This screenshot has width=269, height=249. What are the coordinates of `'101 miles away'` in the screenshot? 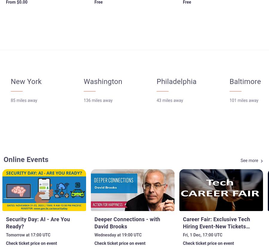 It's located at (229, 100).